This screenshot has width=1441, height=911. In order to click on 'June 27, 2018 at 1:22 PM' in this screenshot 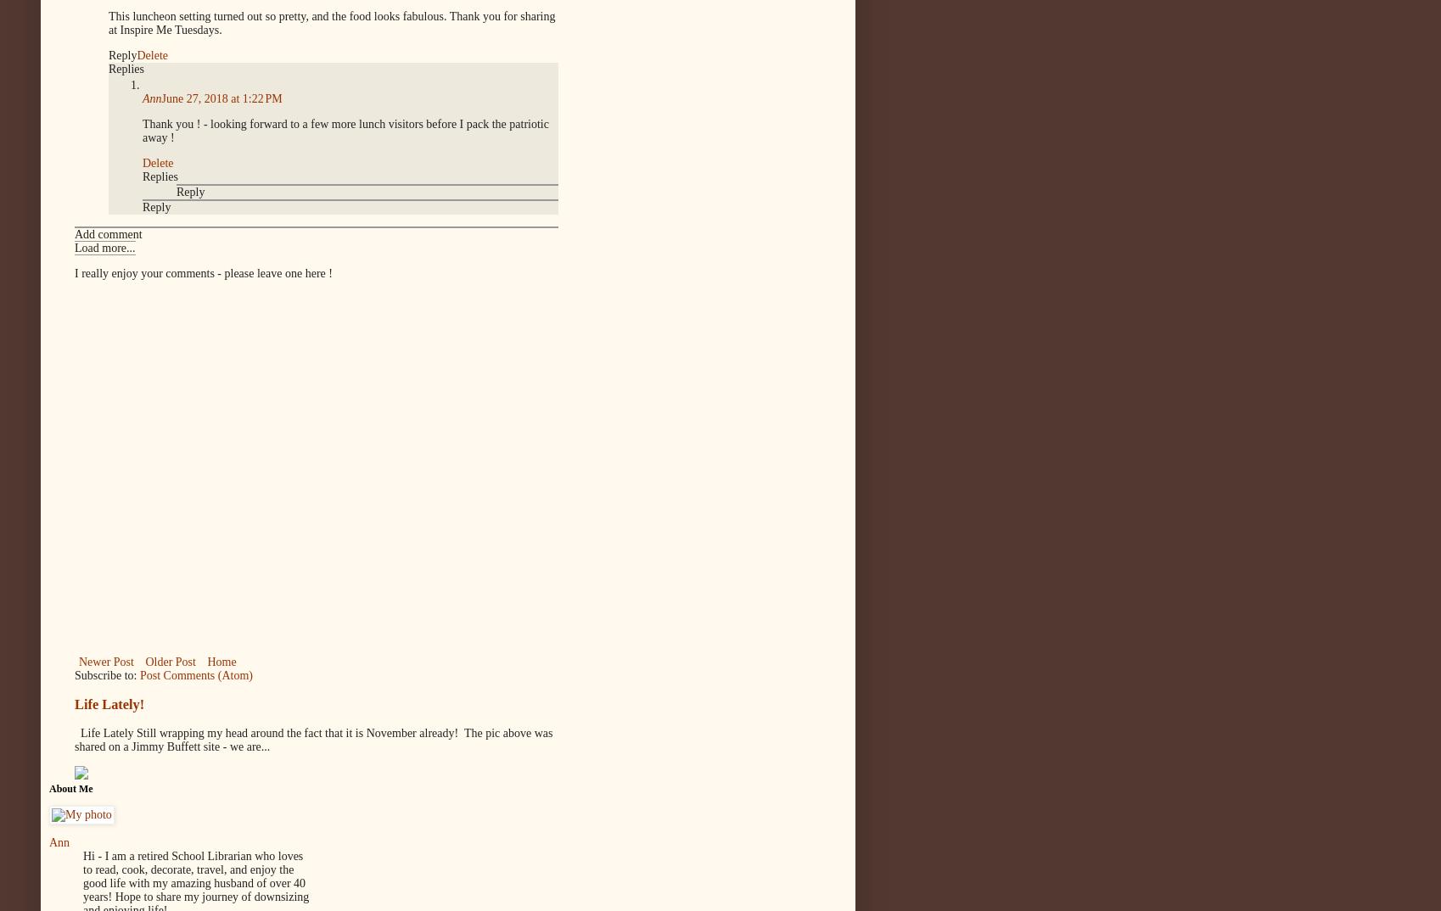, I will do `click(161, 97)`.